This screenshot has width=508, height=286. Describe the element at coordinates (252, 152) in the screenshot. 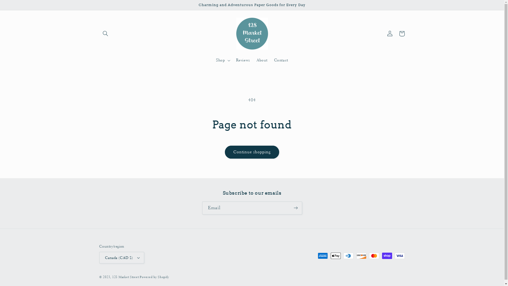

I see `'Continue shopping'` at that location.